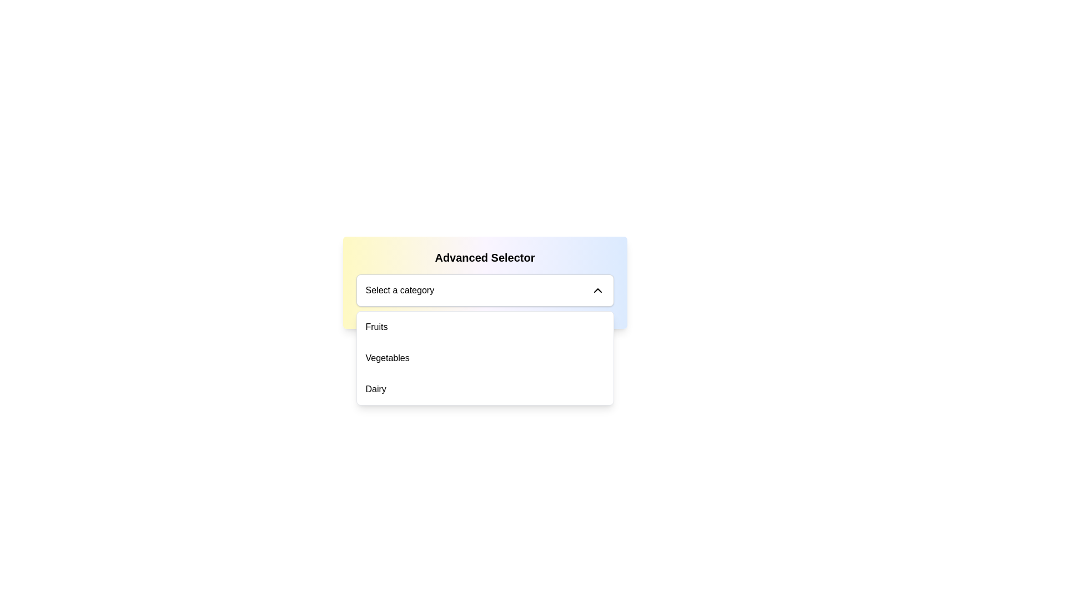  What do you see at coordinates (485, 389) in the screenshot?
I see `the list item labeled 'Dairy'` at bounding box center [485, 389].